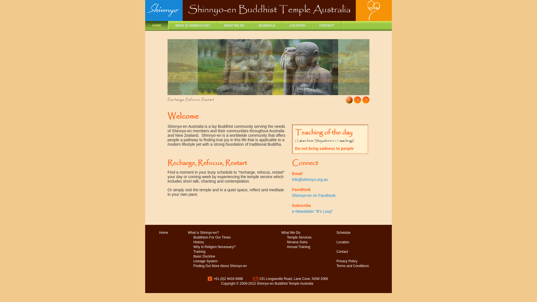  What do you see at coordinates (203, 233) in the screenshot?
I see `'What is Shinnyo-en?'` at bounding box center [203, 233].